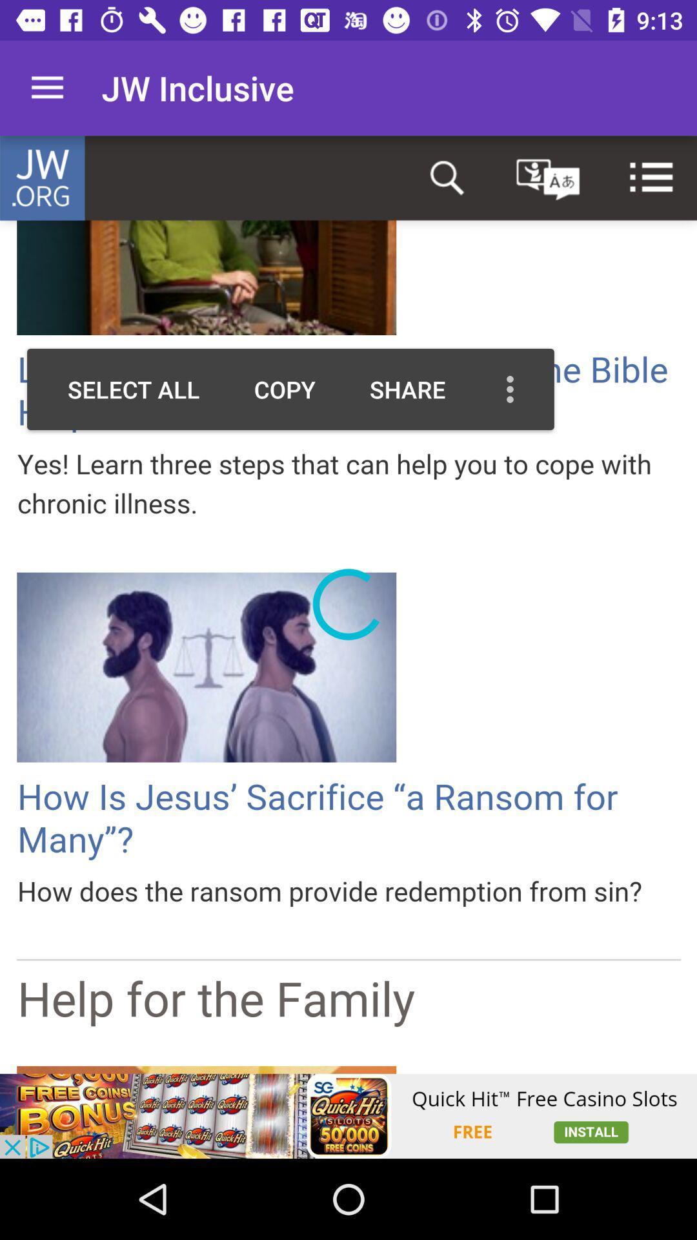 The width and height of the screenshot is (697, 1240). I want to click on open advertisement, so click(348, 1115).